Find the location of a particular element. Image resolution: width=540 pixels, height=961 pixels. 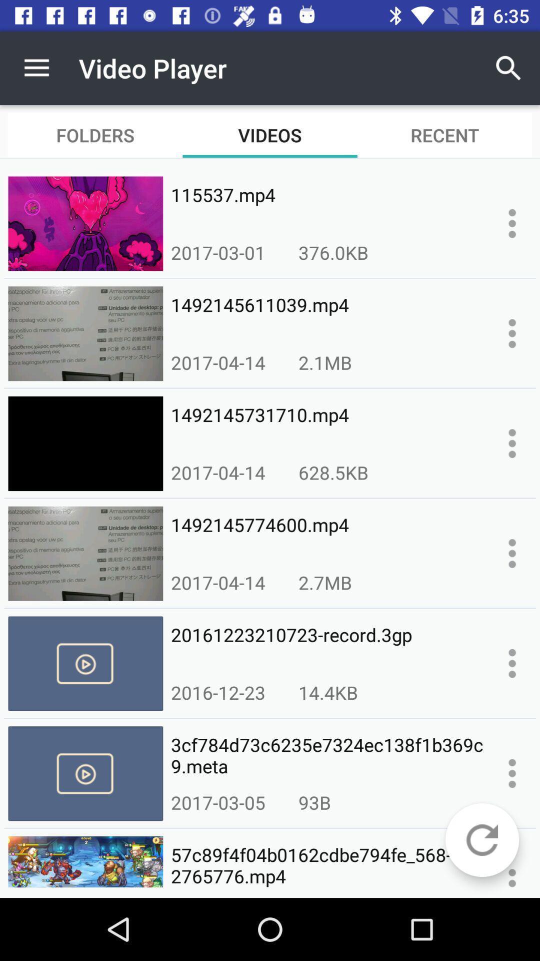

item below the 20161223210723-record.3gp is located at coordinates (328, 692).